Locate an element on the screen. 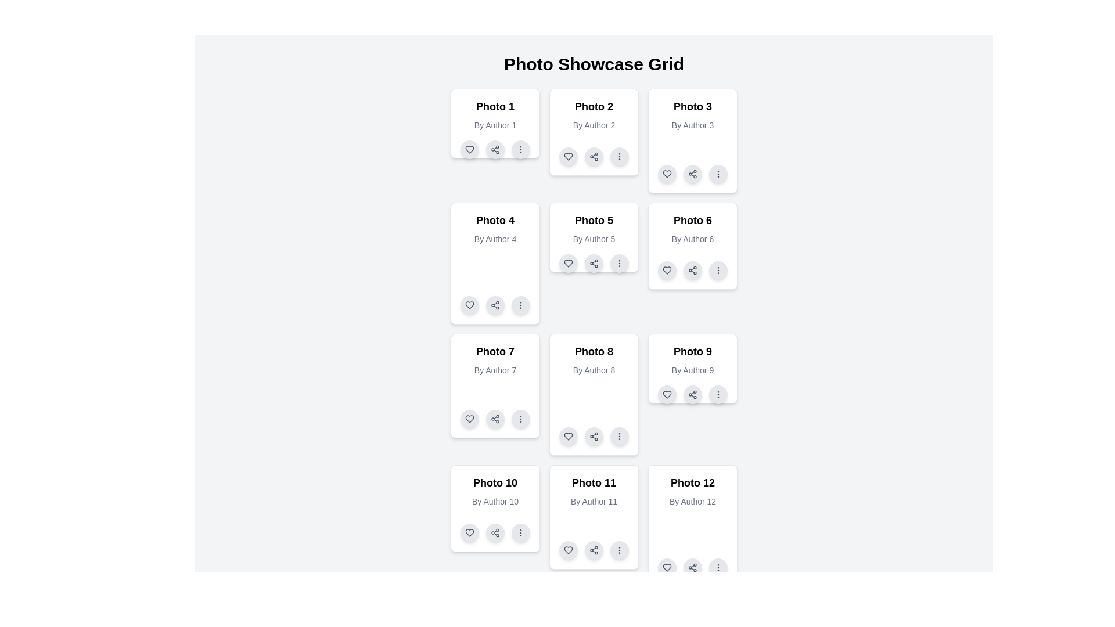  the sharing button located at the bottom of the 'Photo 12' card by 'Author 12' to initiate sharing is located at coordinates (693, 567).